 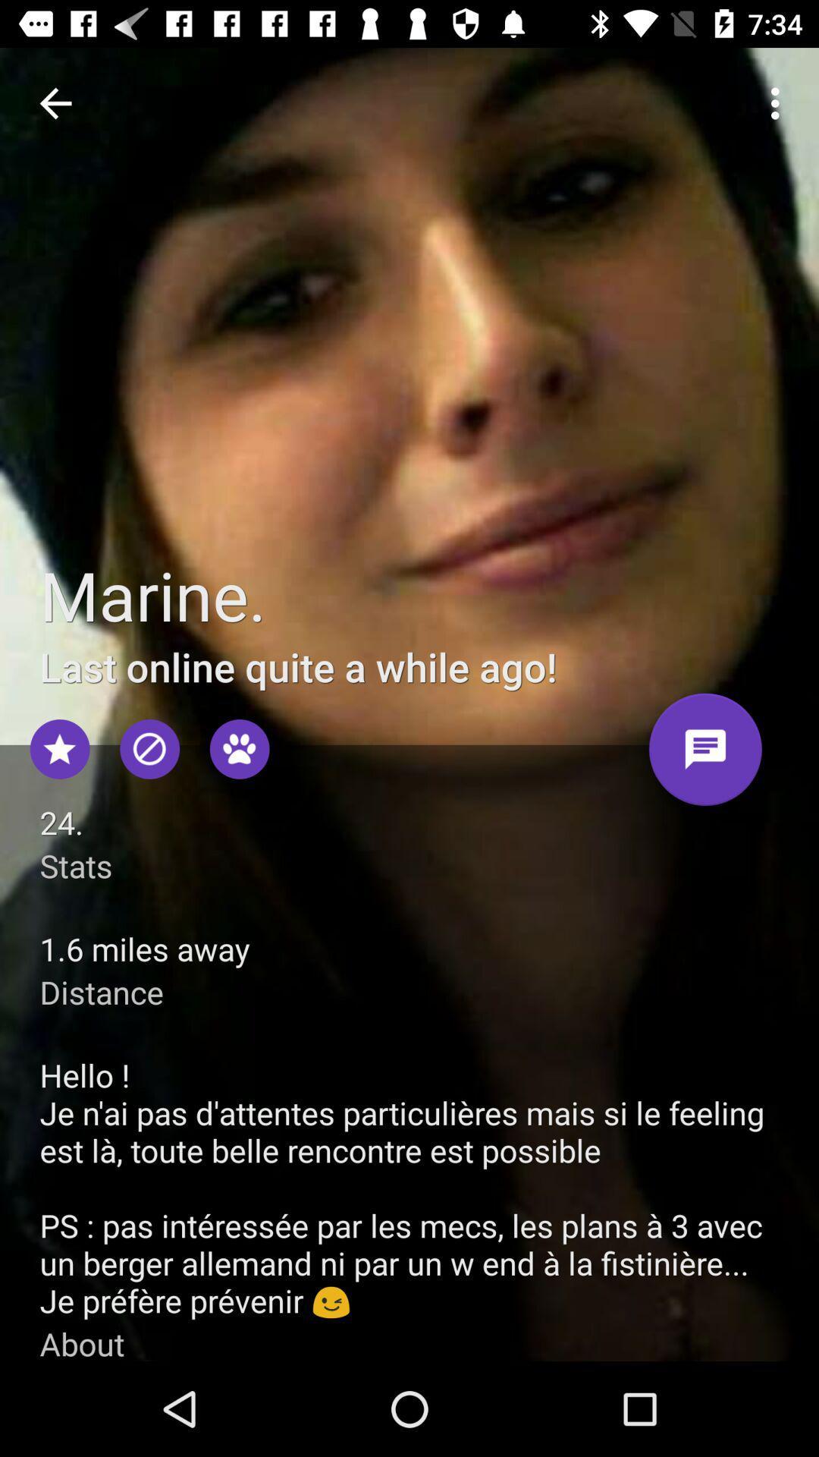 I want to click on the chat icon, so click(x=705, y=755).